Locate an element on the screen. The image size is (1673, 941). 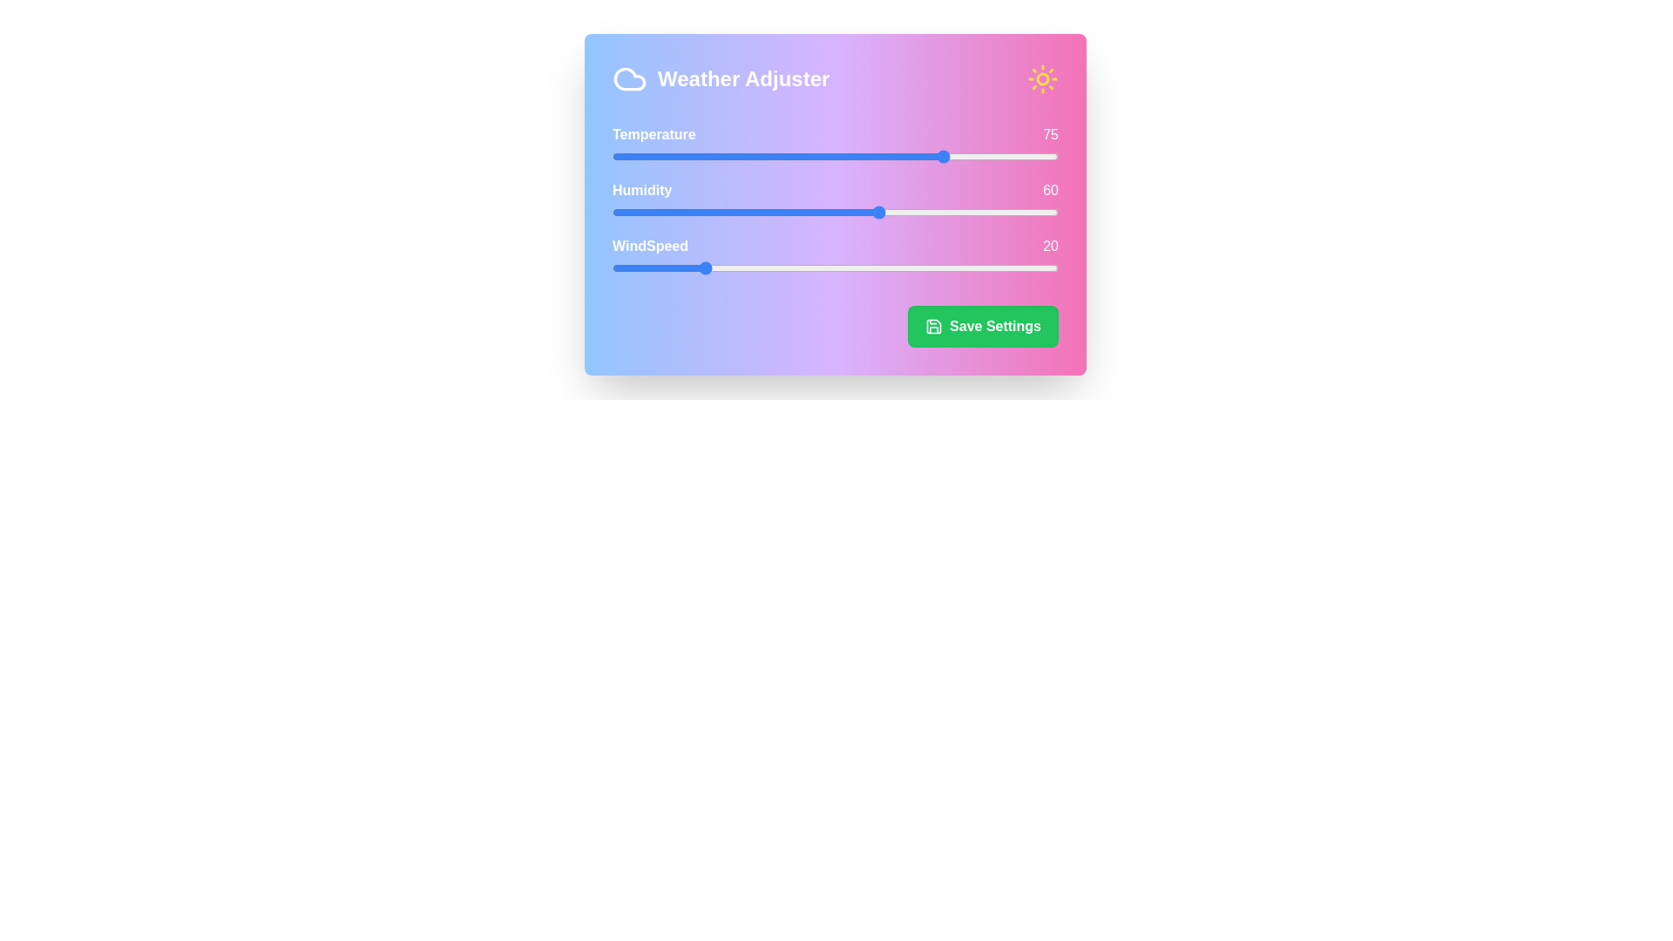
the label displaying the current wind speed value (20) located towards the bottom of the 'Weather Adjuster' interface panel, to the right of the 'WindSpeed' label and above a slider bar is located at coordinates (835, 246).